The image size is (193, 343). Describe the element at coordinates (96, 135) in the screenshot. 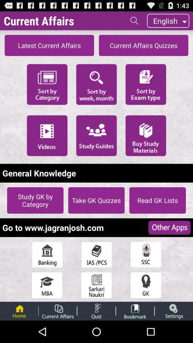

I see `available study guides` at that location.